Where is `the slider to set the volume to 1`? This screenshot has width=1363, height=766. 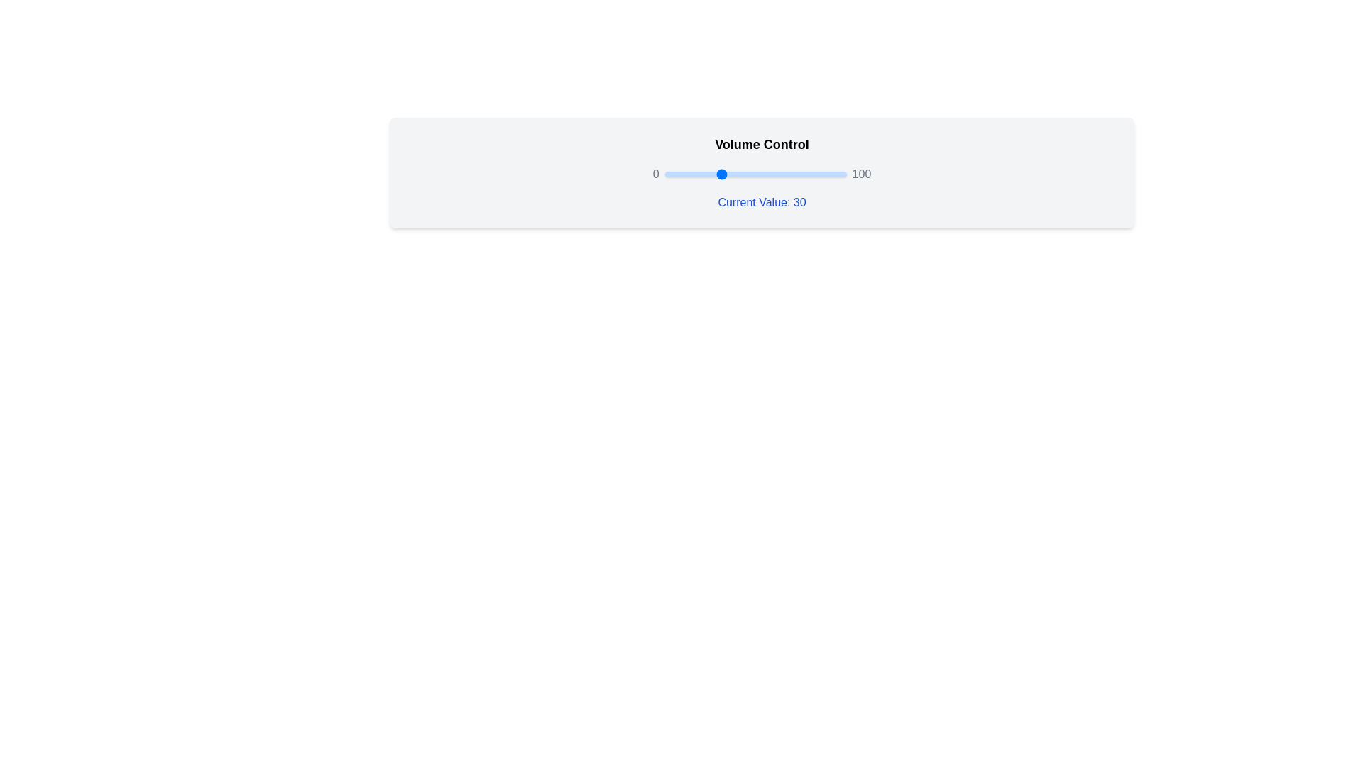
the slider to set the volume to 1 is located at coordinates (666, 174).